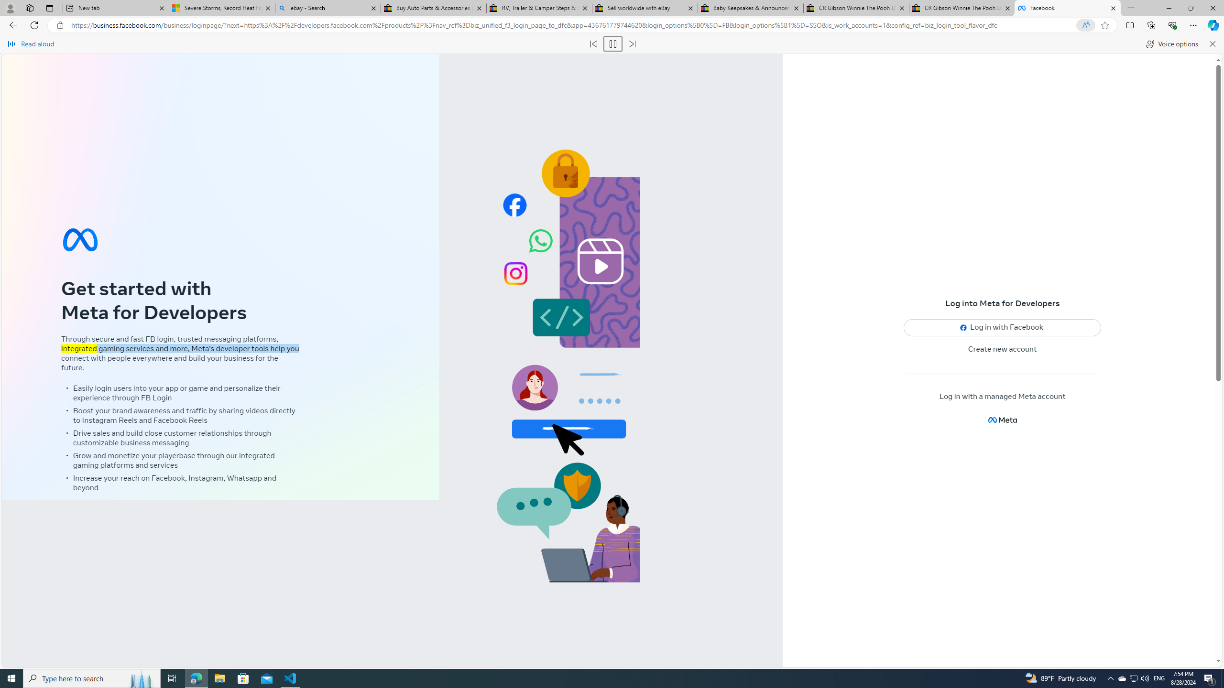 This screenshot has width=1224, height=688. What do you see at coordinates (631, 43) in the screenshot?
I see `'Read next paragraph'` at bounding box center [631, 43].